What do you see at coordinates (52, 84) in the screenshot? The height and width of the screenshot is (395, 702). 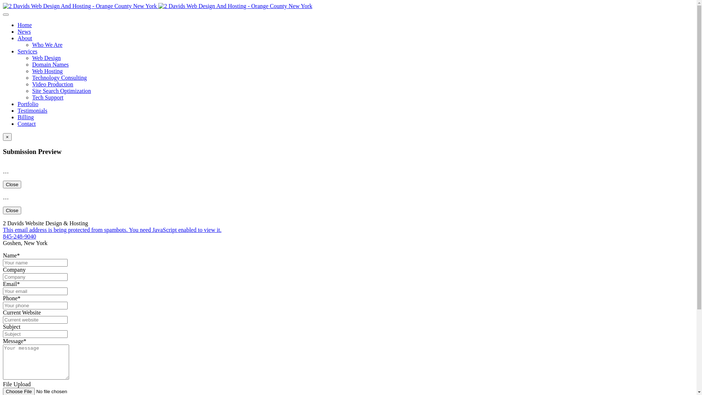 I see `'Video Production'` at bounding box center [52, 84].